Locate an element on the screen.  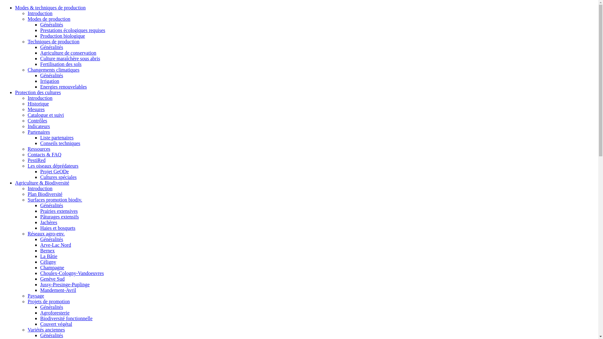
'Surfaces promotion biodiv.' is located at coordinates (27, 200).